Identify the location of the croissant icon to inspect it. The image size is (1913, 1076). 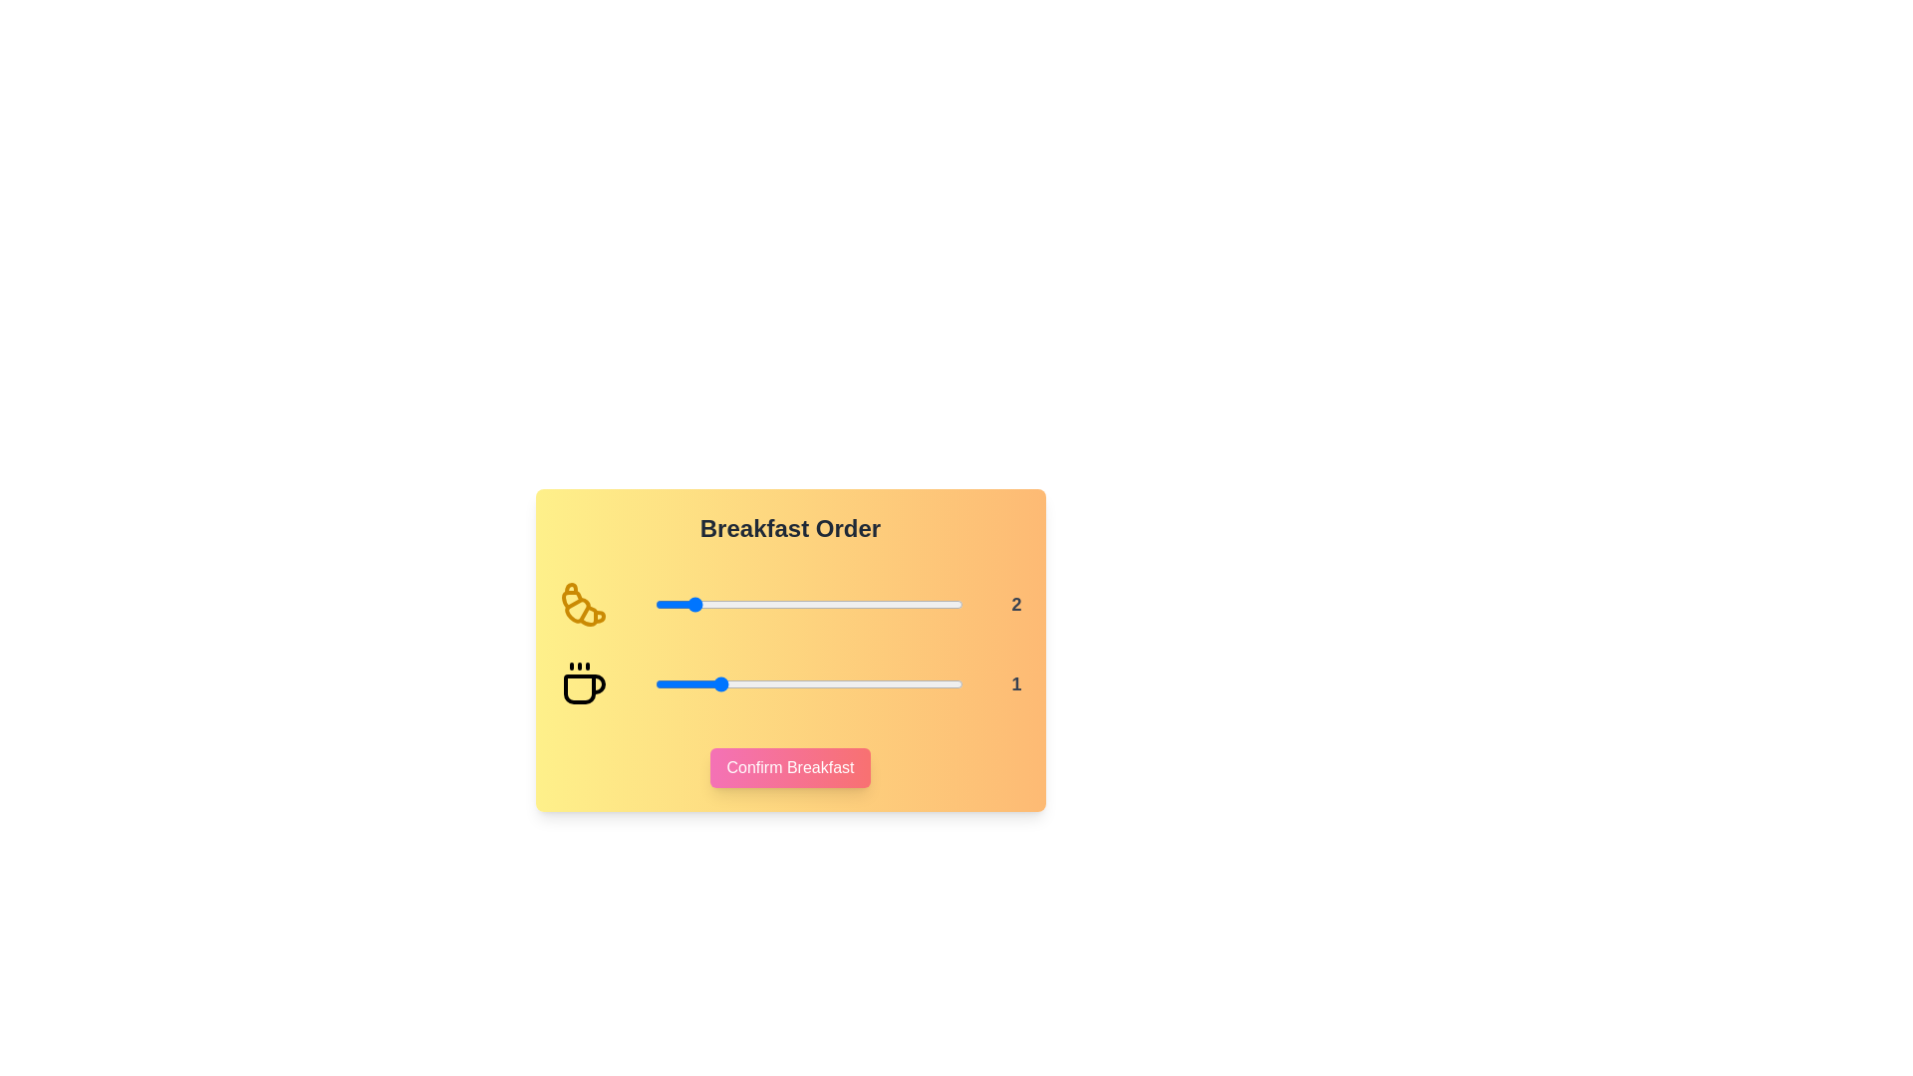
(582, 603).